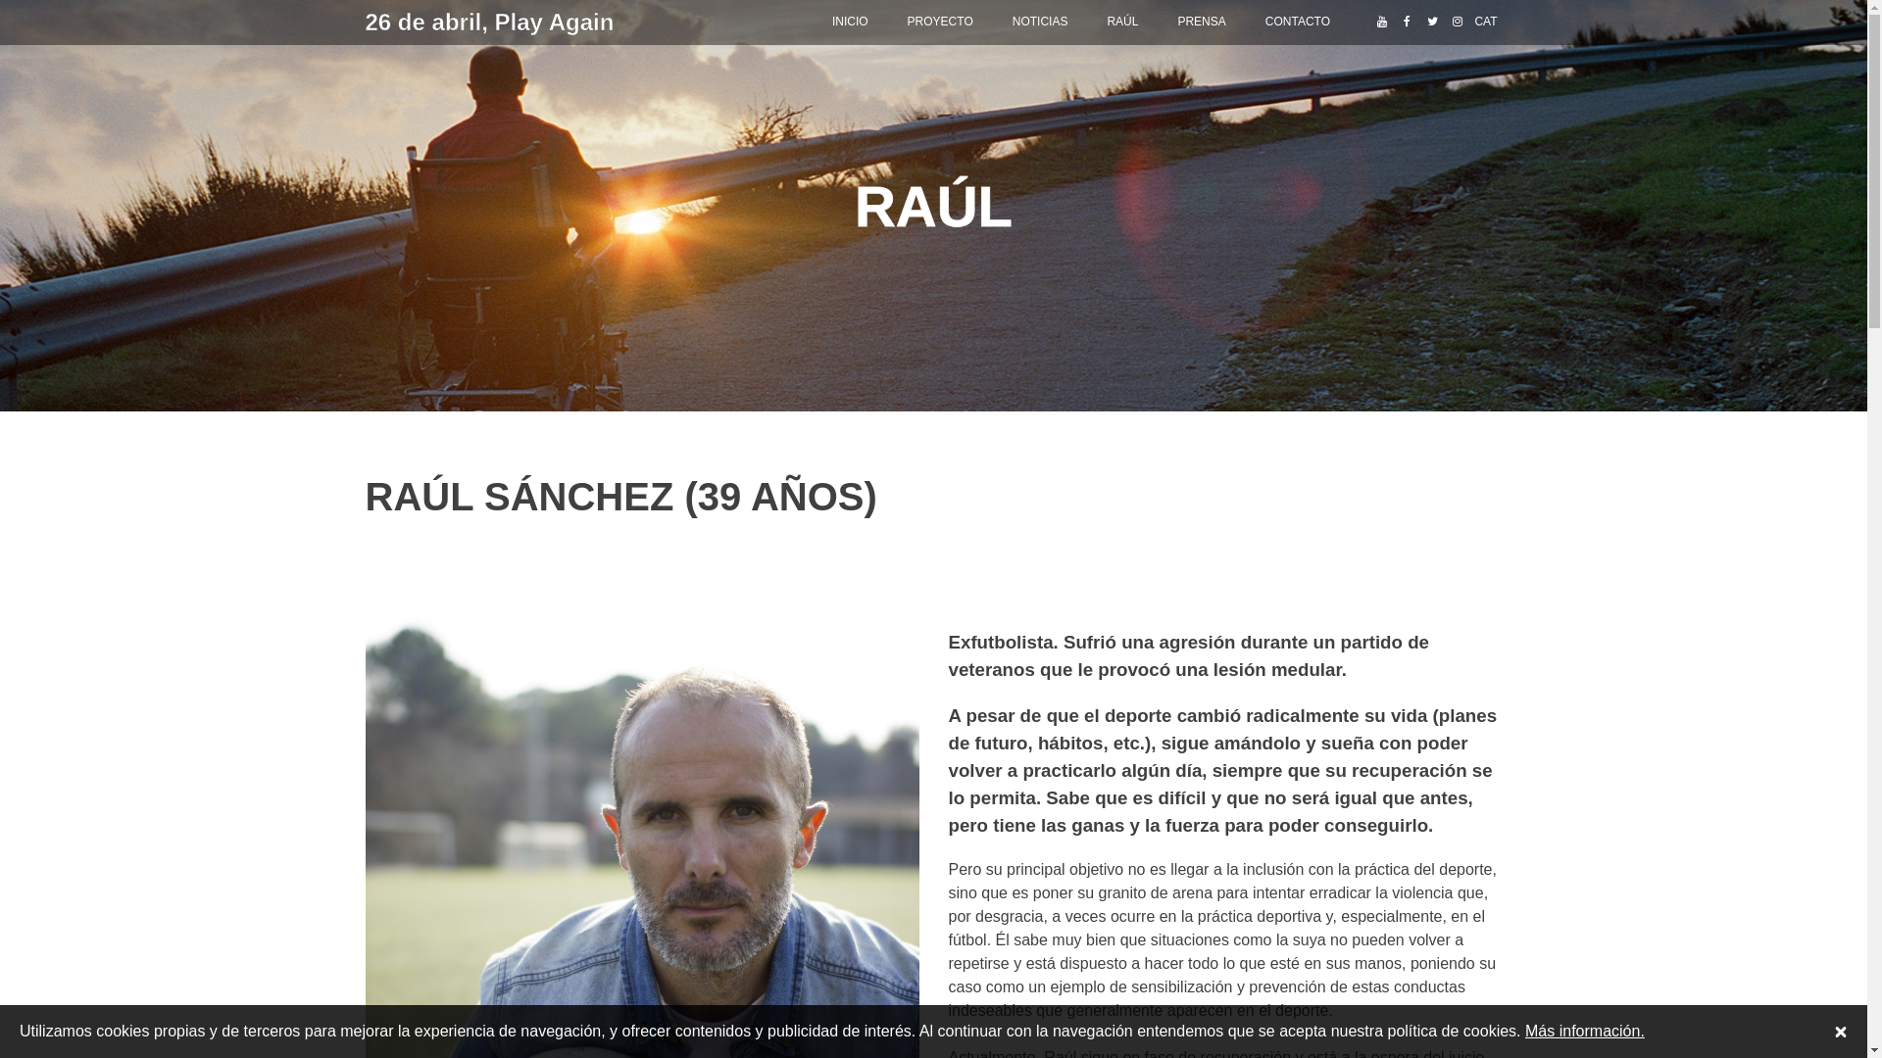 This screenshot has width=1882, height=1058. Describe the element at coordinates (1298, 23) in the screenshot. I see `'CONTACTO'` at that location.